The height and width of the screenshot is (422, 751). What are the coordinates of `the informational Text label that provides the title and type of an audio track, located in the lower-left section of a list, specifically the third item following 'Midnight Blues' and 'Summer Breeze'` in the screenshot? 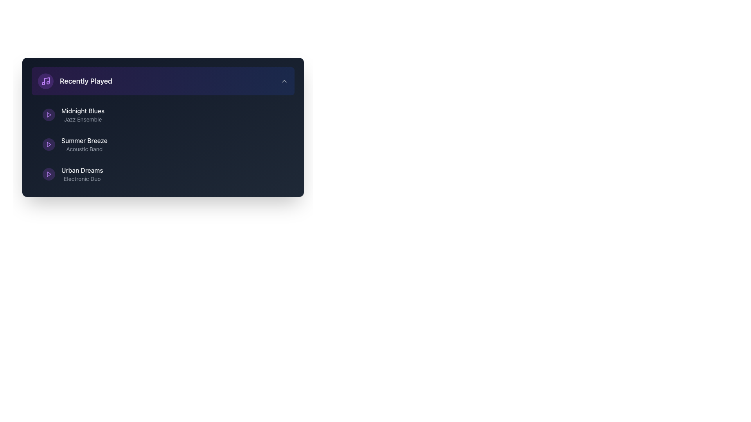 It's located at (82, 174).